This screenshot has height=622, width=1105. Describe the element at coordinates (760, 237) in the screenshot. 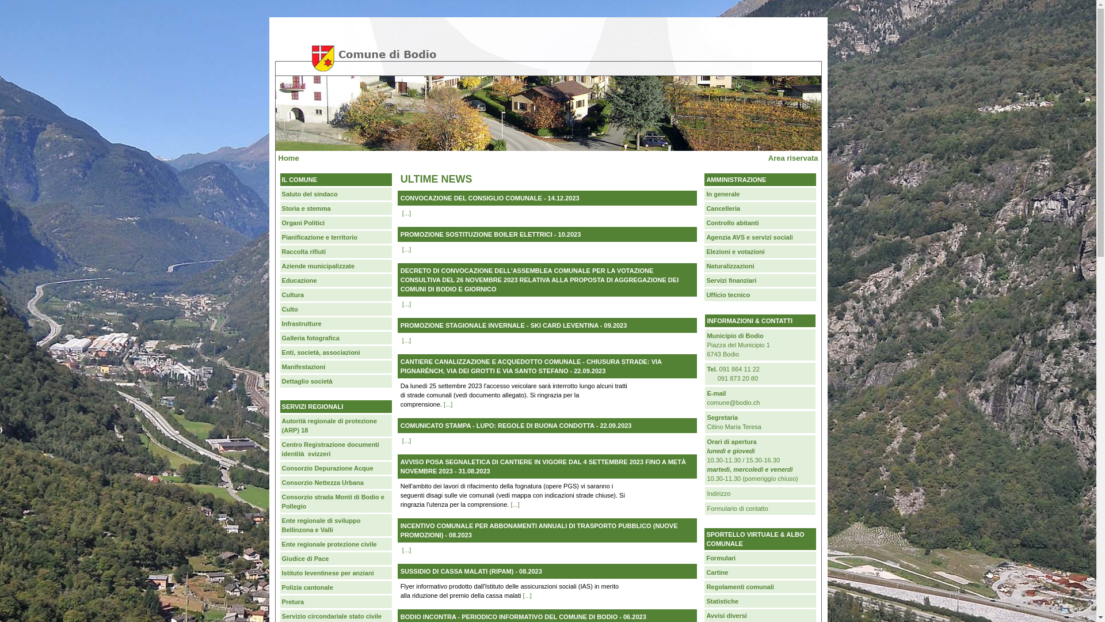

I see `'Agenzia AVS e servizi sociali'` at that location.